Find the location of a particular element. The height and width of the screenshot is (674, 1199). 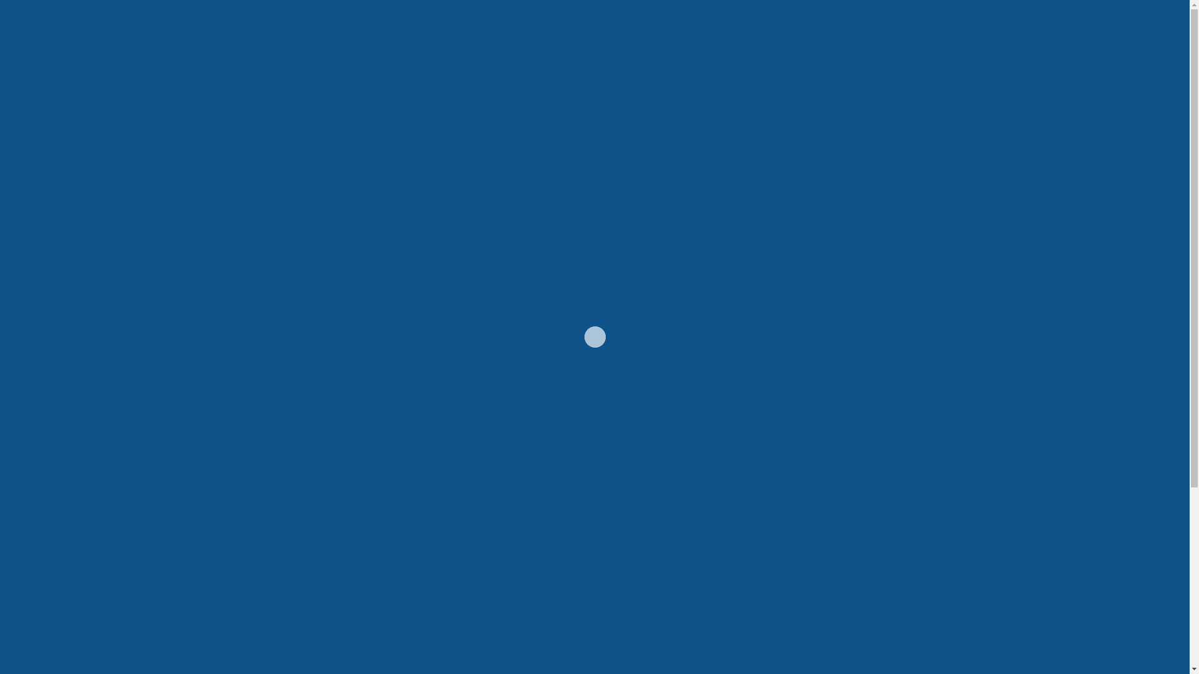

'Contact' is located at coordinates (924, 60).